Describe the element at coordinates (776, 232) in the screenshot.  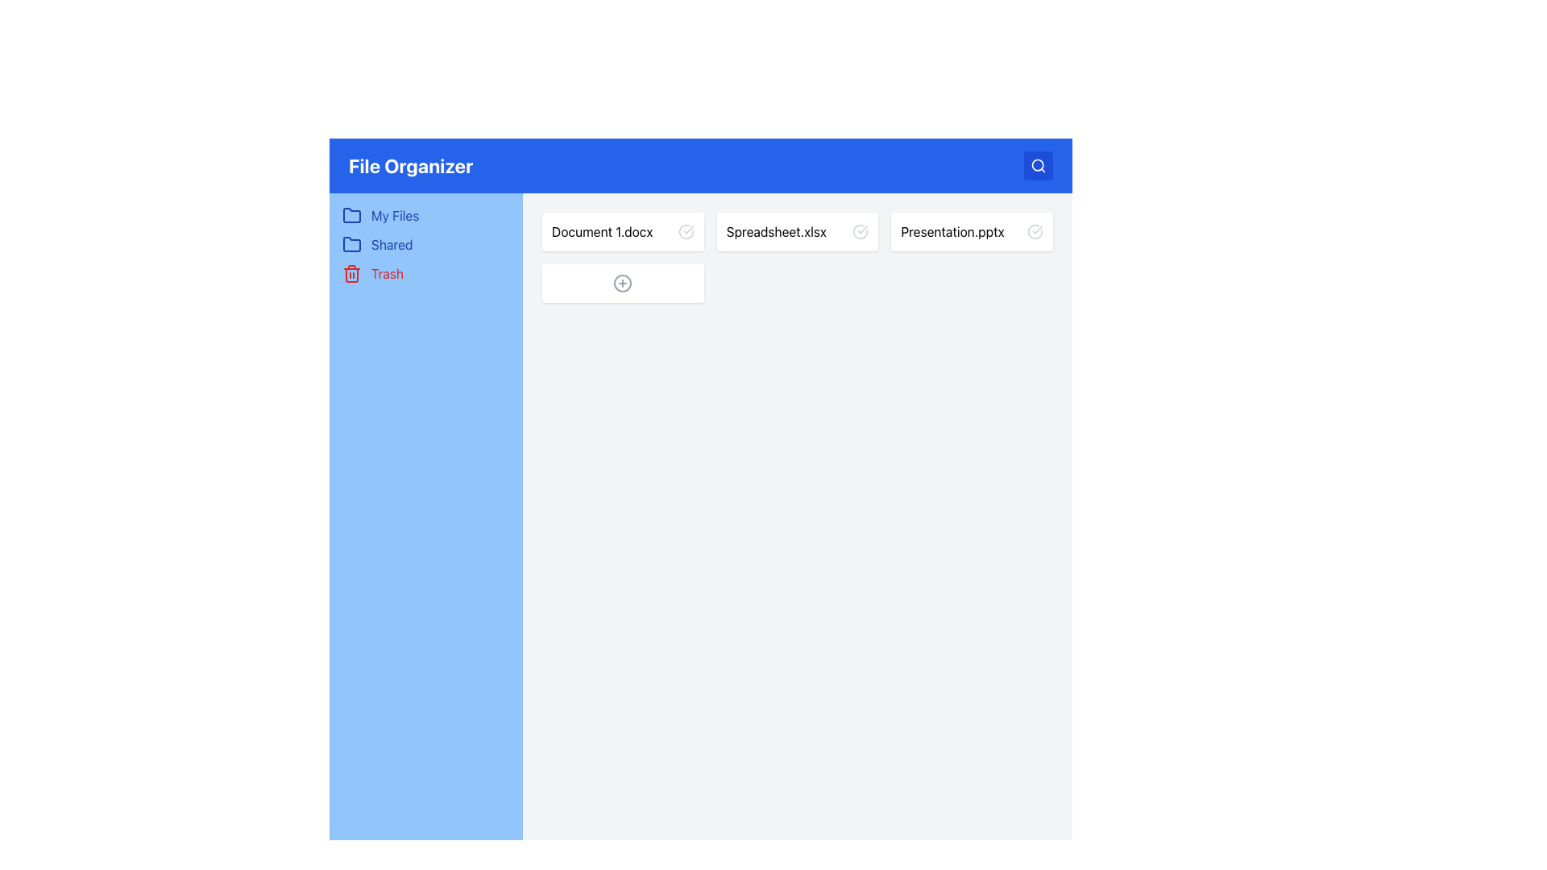
I see `the text label displaying 'Spreadsheet.xlsx'` at that location.